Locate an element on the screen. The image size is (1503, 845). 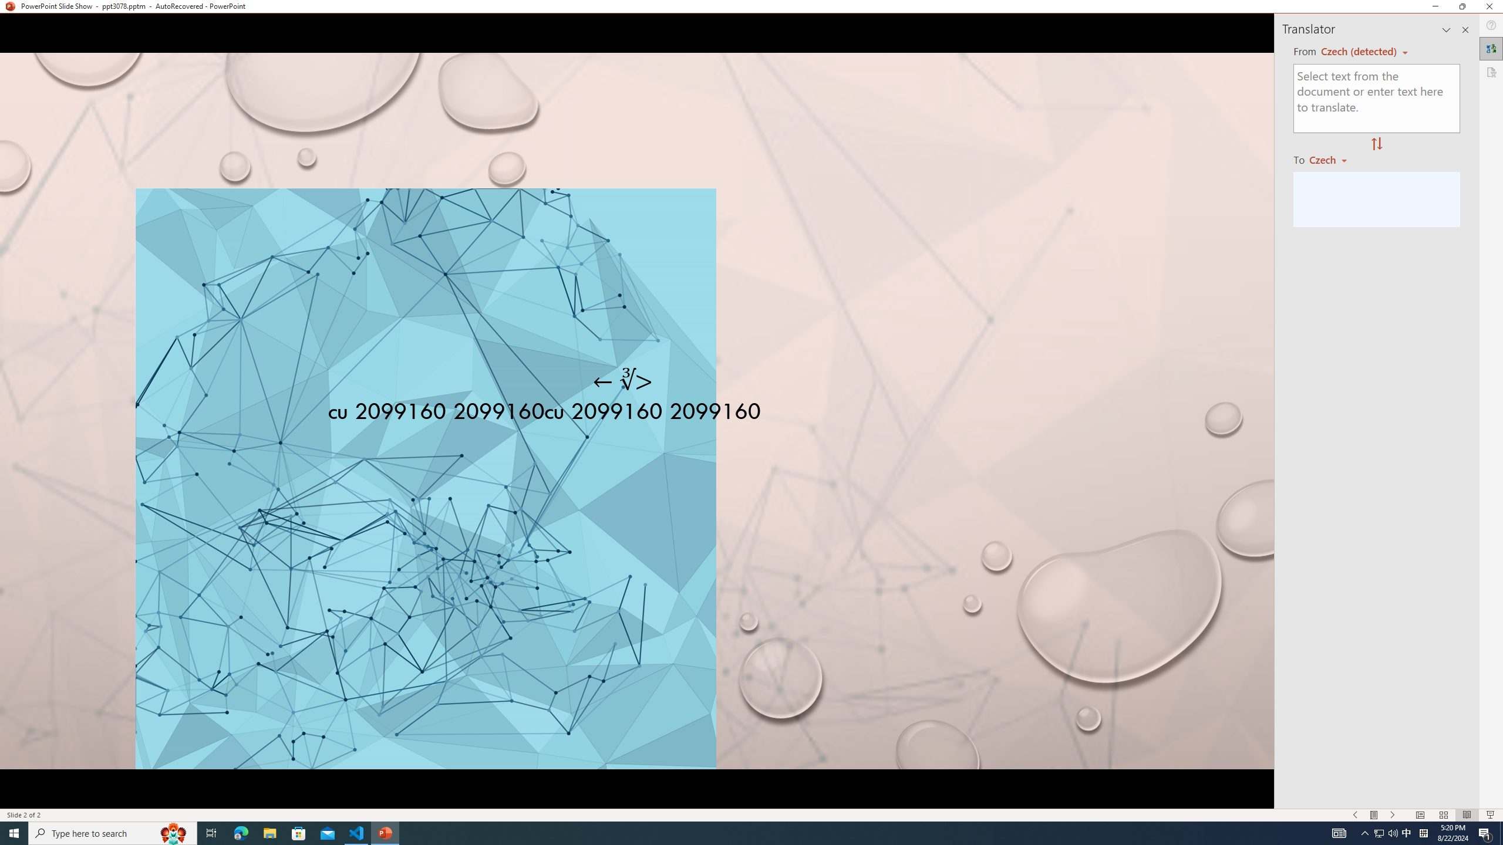
'Task Pane Options' is located at coordinates (1446, 29).